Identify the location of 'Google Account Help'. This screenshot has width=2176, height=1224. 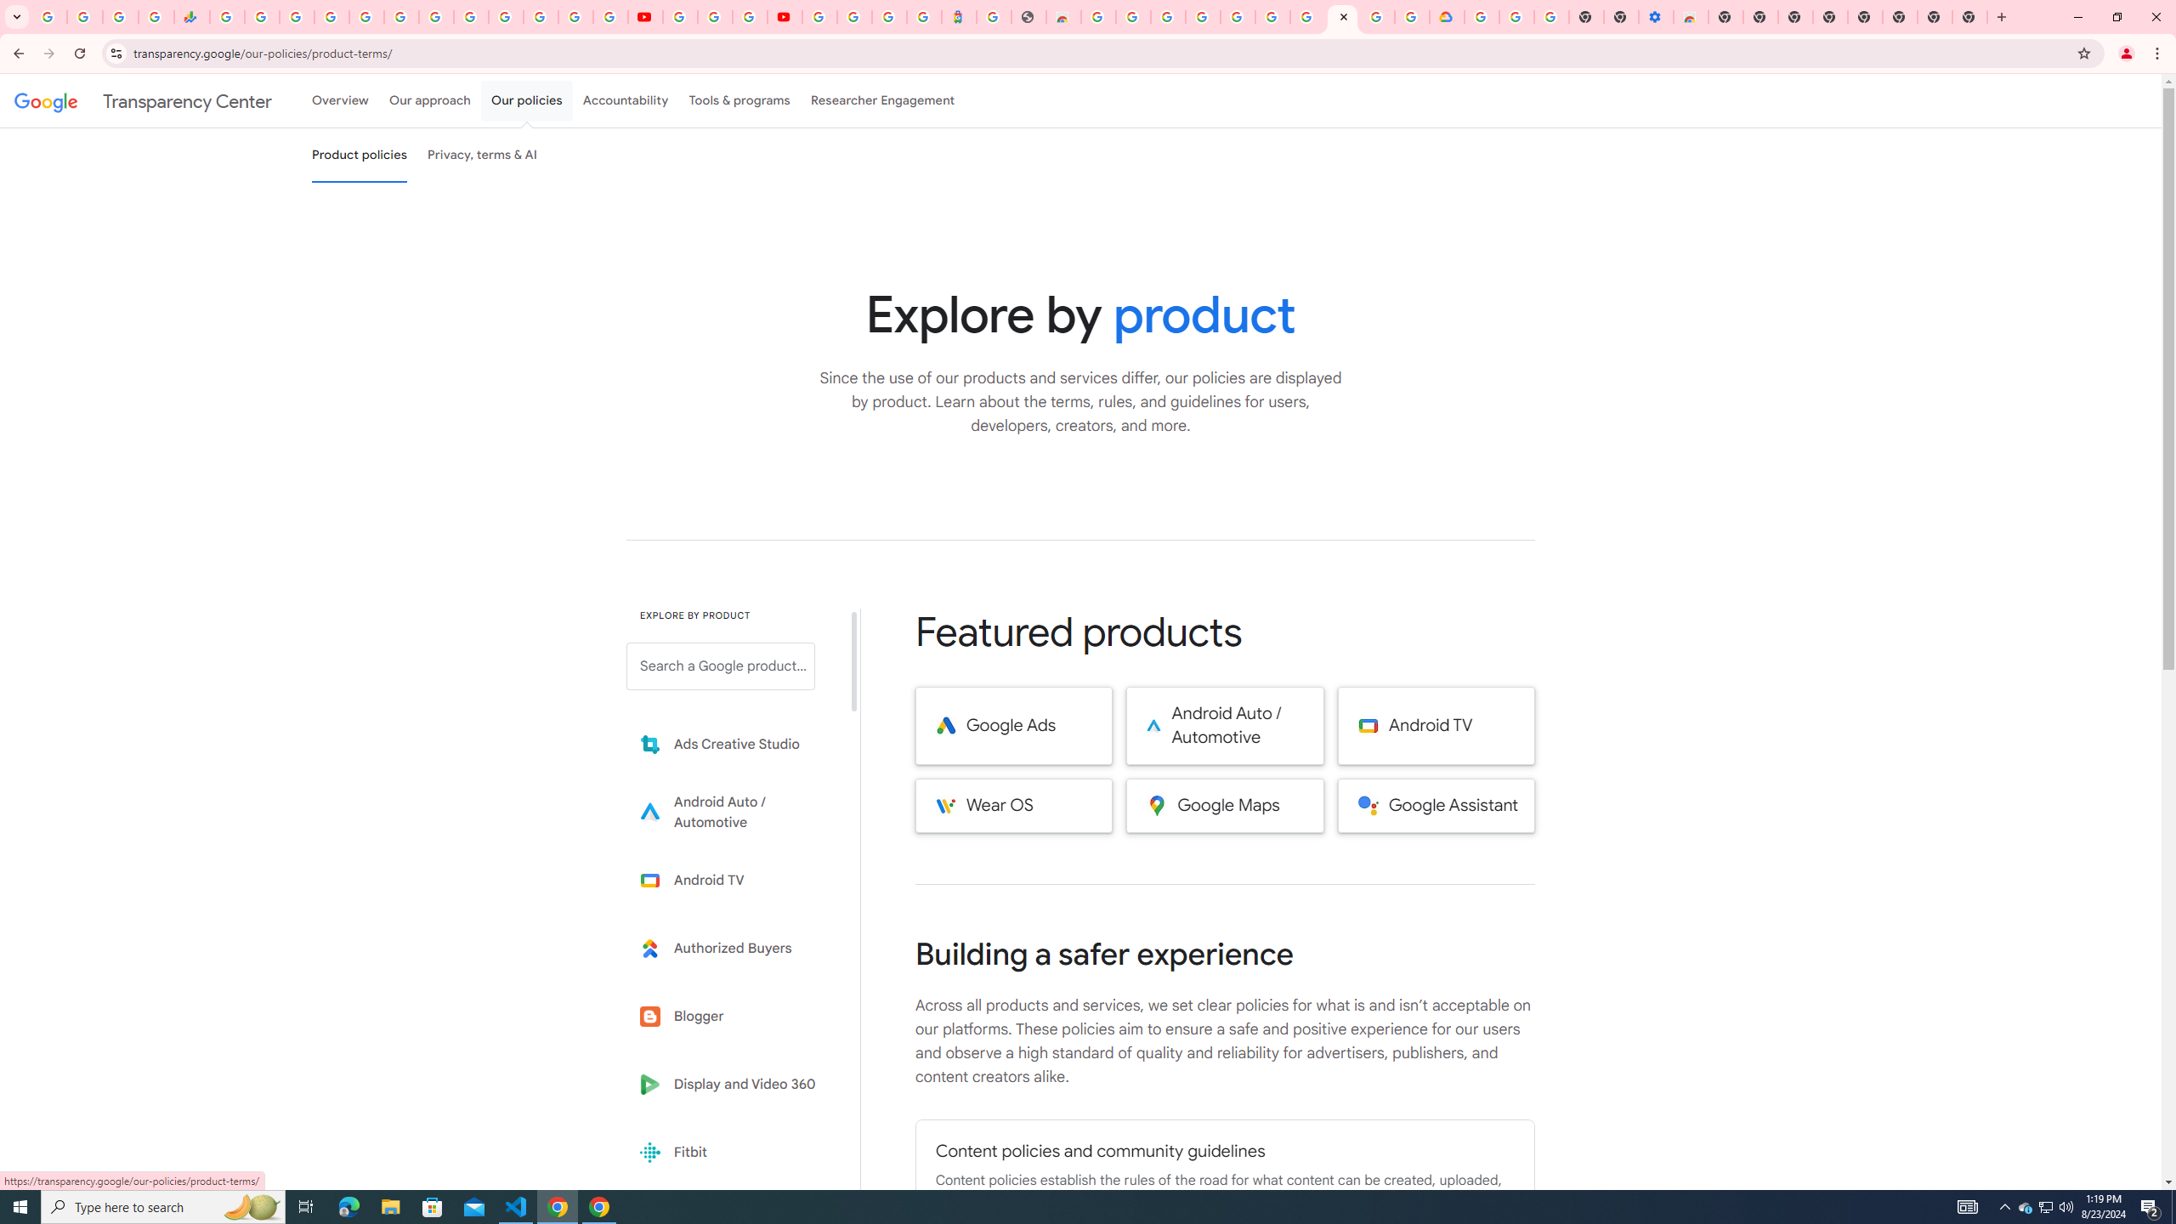
(713, 16).